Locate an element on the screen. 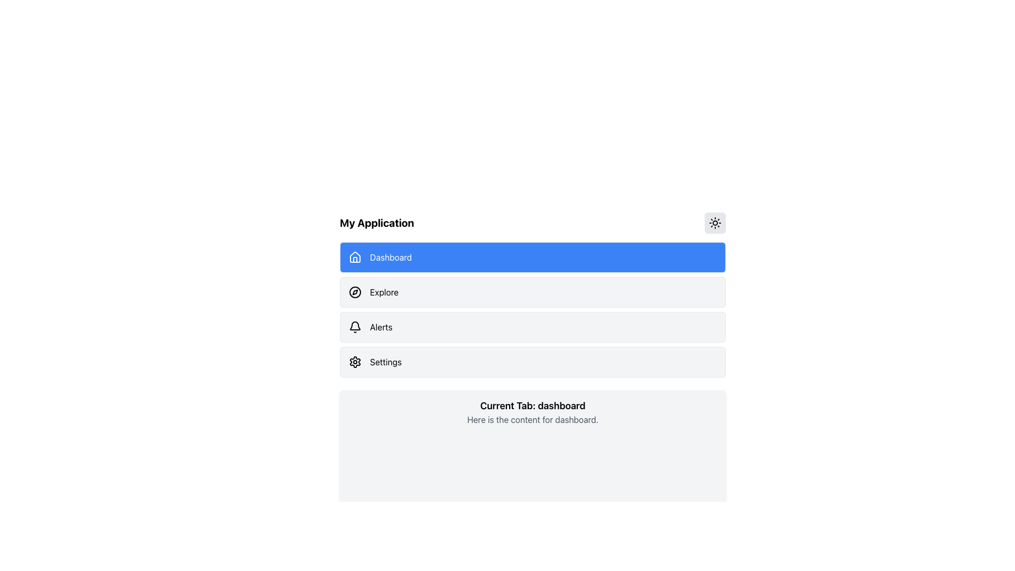 This screenshot has width=1015, height=571. the 'Alerts' navigation item in the vertical navigation list is located at coordinates (533, 326).